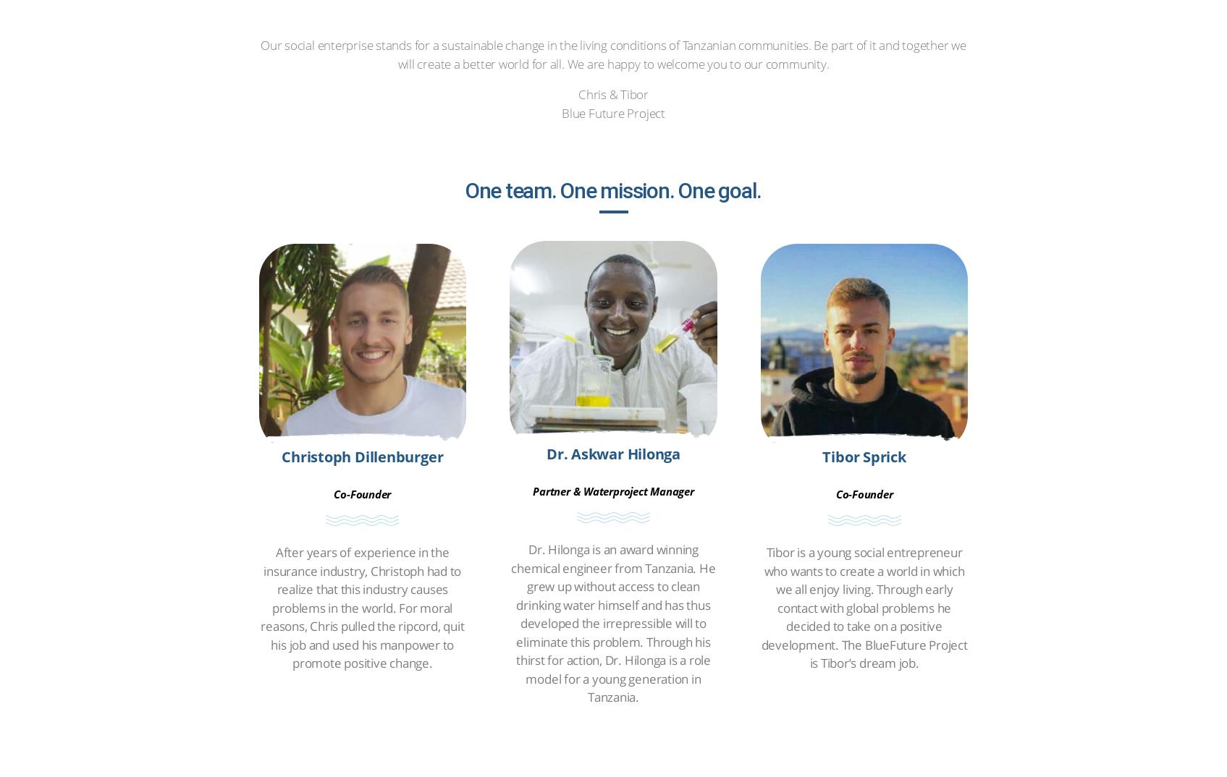 This screenshot has height=777, width=1227. I want to click on 'Unsere Philosophie', so click(754, 80).